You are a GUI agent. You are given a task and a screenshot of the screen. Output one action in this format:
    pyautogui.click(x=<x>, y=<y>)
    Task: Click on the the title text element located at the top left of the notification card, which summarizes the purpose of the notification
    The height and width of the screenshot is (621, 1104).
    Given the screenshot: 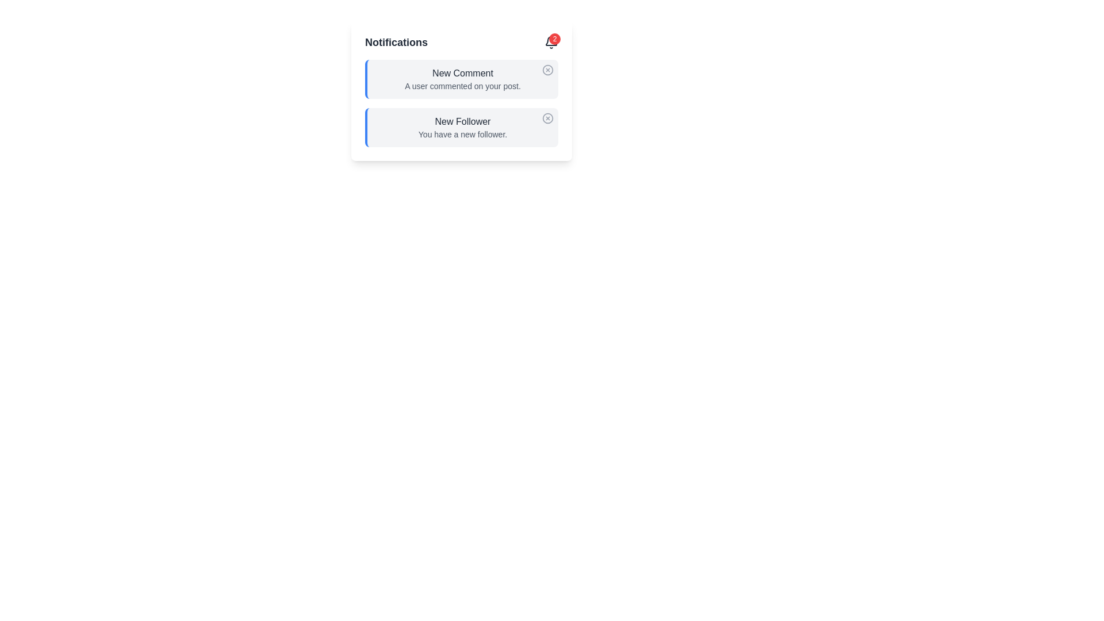 What is the action you would take?
    pyautogui.click(x=463, y=73)
    